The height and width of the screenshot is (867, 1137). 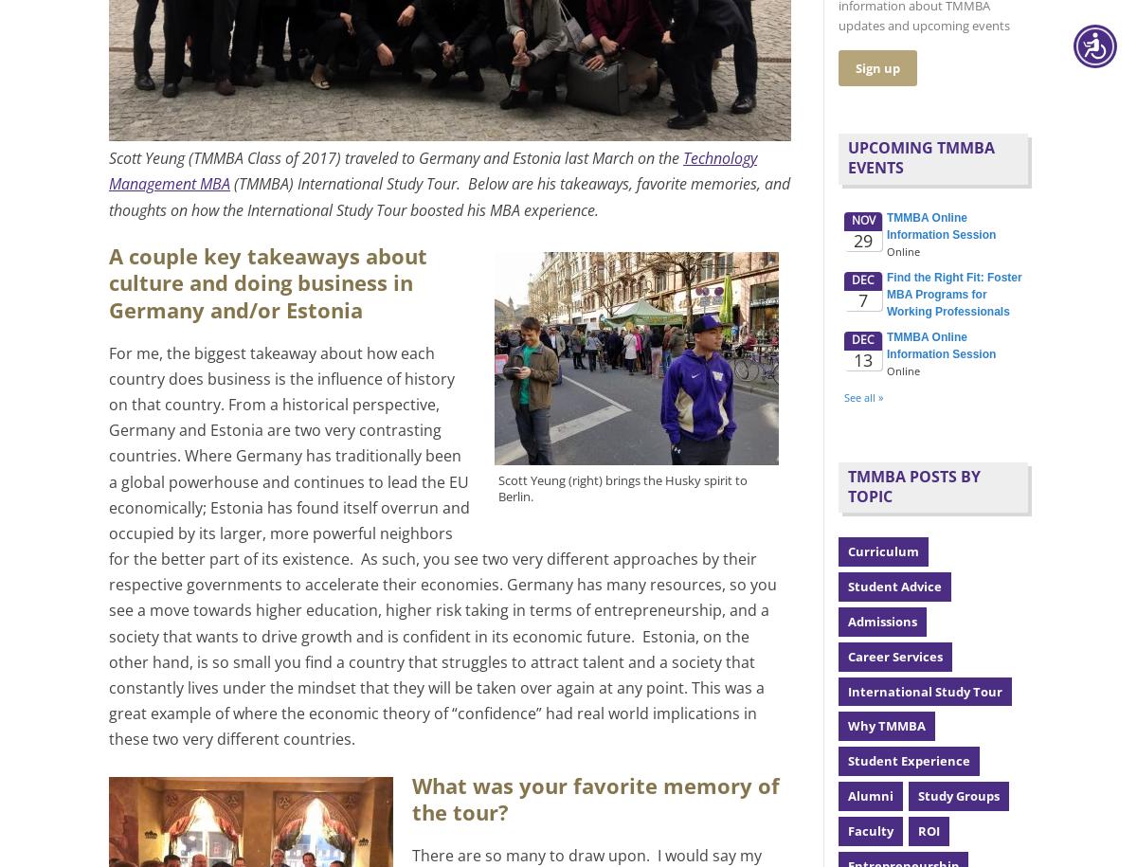 I want to click on 'International Study Tour', so click(x=925, y=690).